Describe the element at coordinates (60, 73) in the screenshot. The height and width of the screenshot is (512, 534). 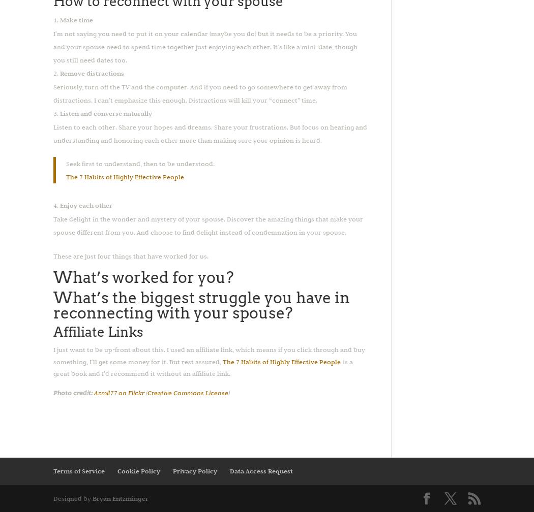
I see `'Remove distractions'` at that location.